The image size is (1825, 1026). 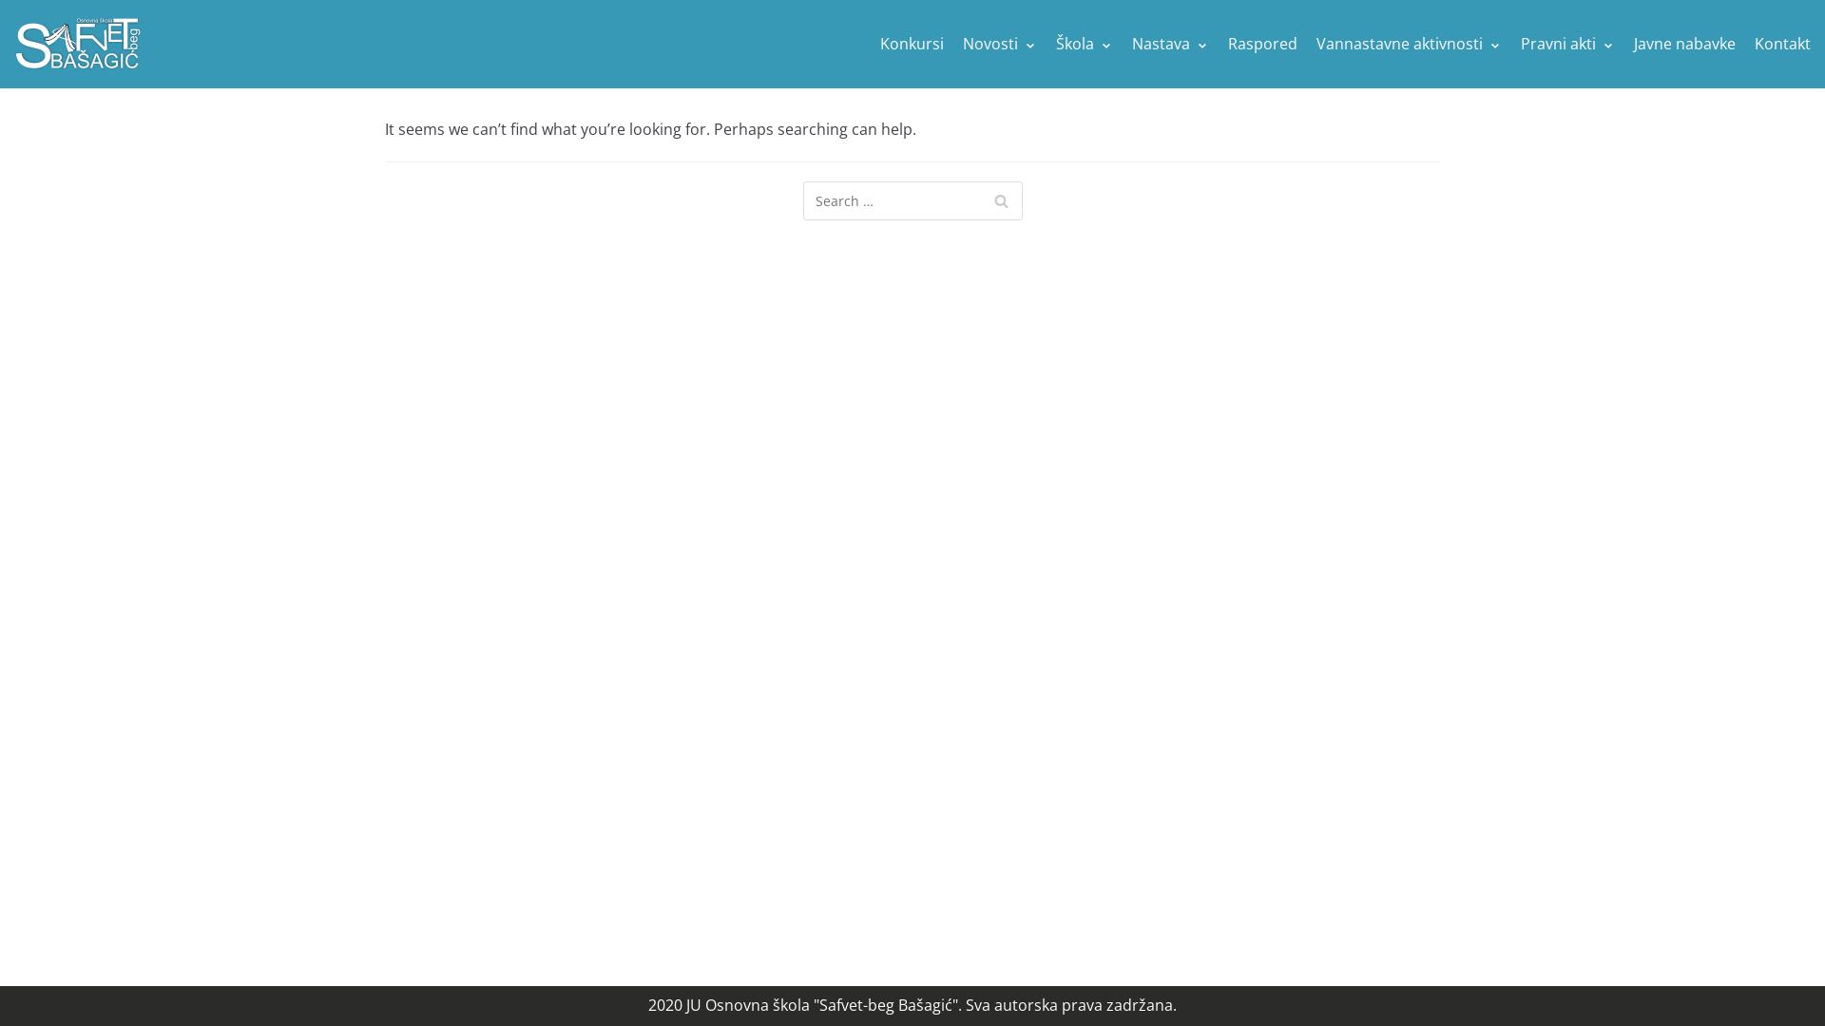 I want to click on 'Novosti', so click(x=998, y=43).